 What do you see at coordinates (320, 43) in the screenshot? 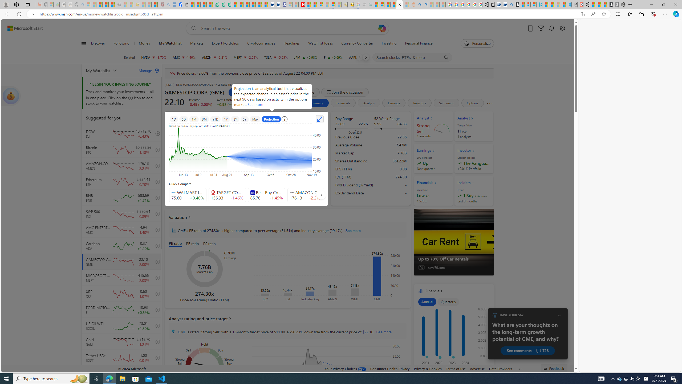
I see `'Watchlist Ideas'` at bounding box center [320, 43].